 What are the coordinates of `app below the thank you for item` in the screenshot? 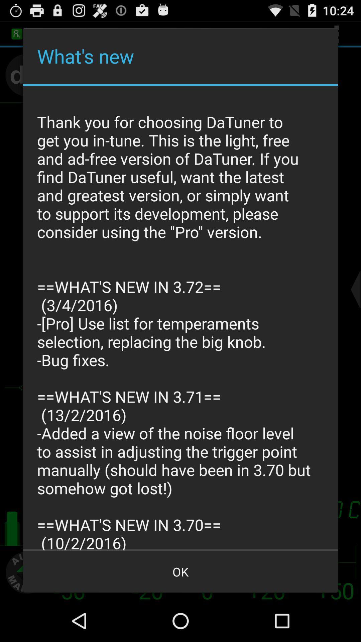 It's located at (180, 571).